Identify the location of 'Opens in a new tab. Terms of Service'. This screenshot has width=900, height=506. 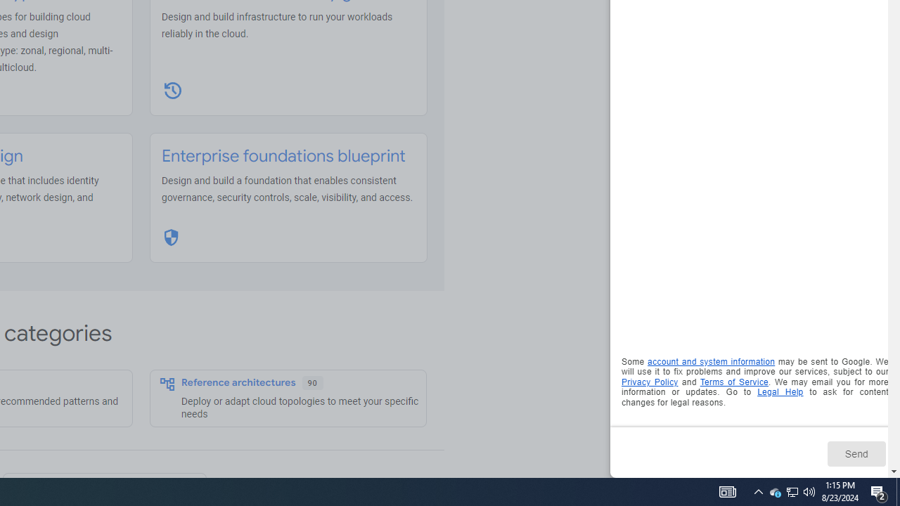
(733, 382).